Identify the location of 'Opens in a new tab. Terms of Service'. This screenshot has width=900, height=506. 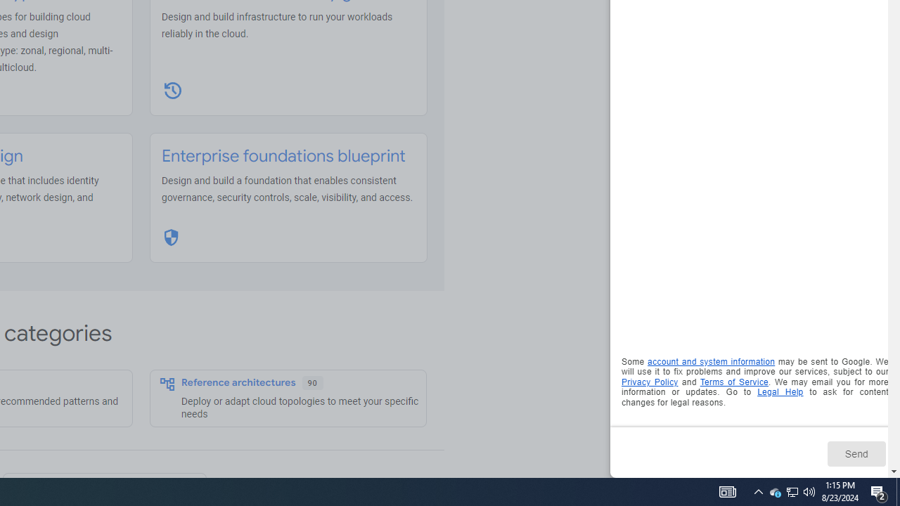
(733, 382).